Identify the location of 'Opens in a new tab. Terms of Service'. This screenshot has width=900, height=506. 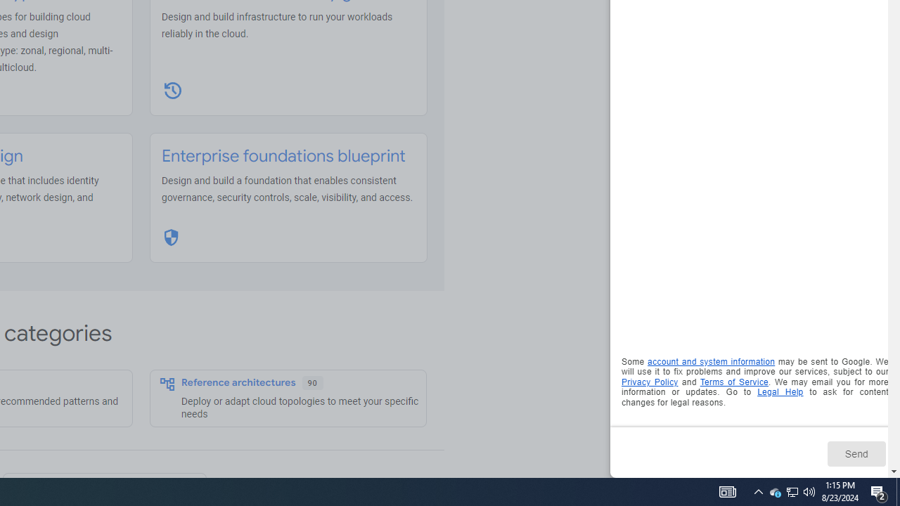
(733, 382).